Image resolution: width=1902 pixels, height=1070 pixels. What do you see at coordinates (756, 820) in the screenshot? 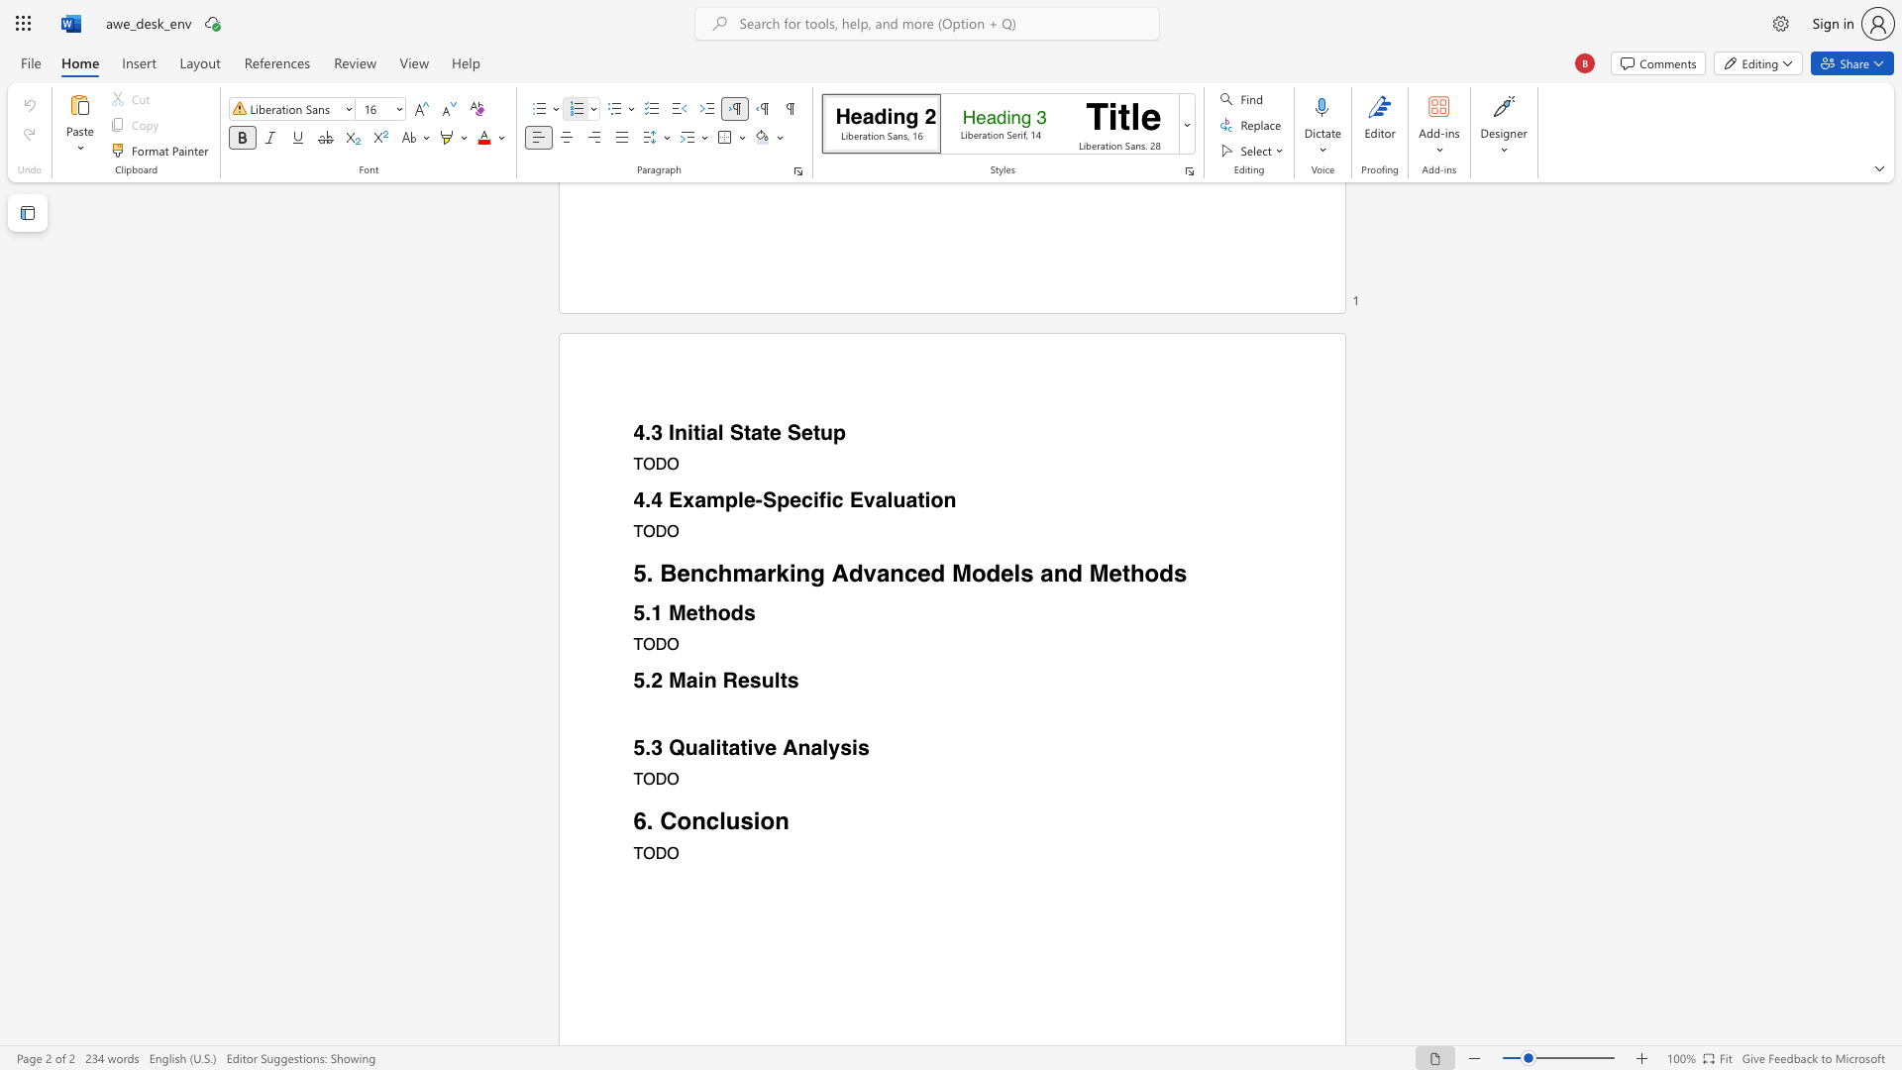
I see `the 1th character "i" in the text` at bounding box center [756, 820].